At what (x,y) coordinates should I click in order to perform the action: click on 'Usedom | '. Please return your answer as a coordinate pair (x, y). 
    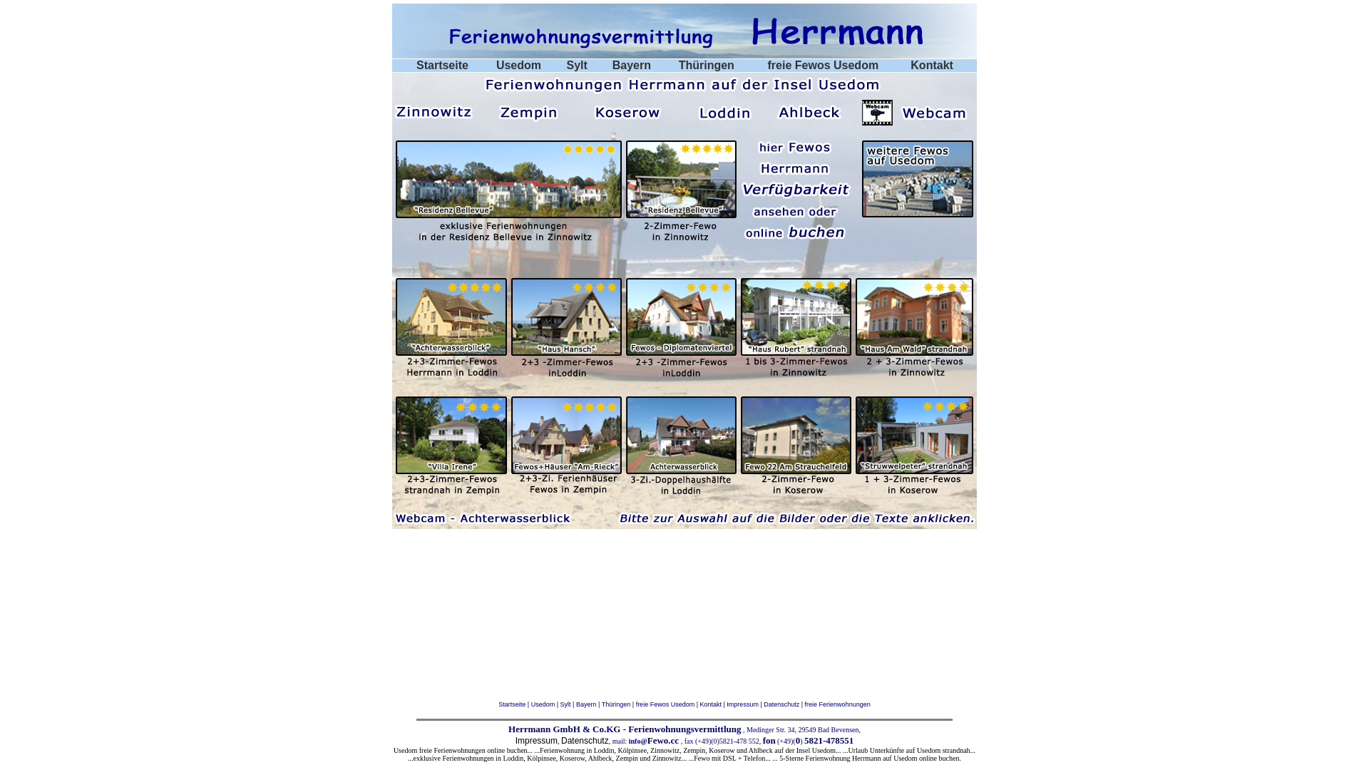
    Looking at the image, I should click on (530, 703).